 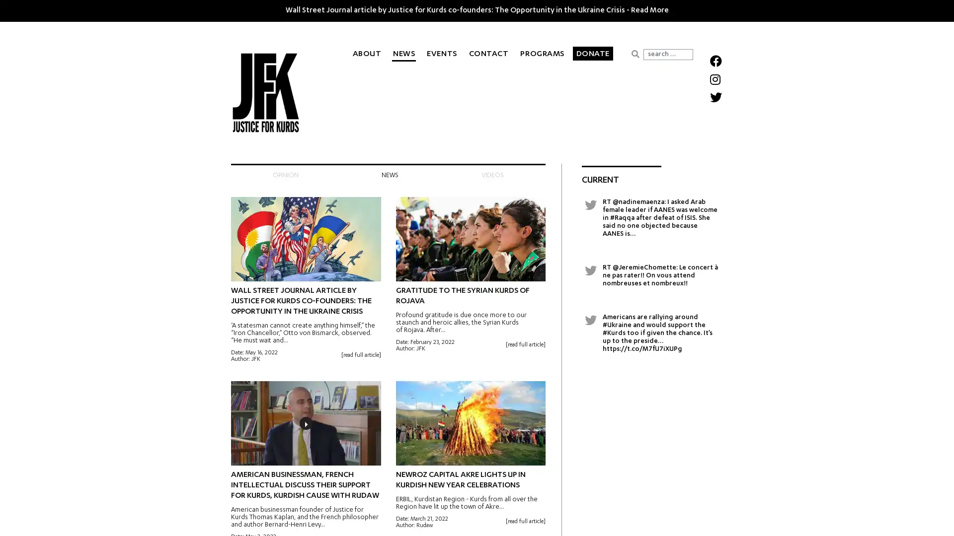 What do you see at coordinates (635, 54) in the screenshot?
I see `Search` at bounding box center [635, 54].